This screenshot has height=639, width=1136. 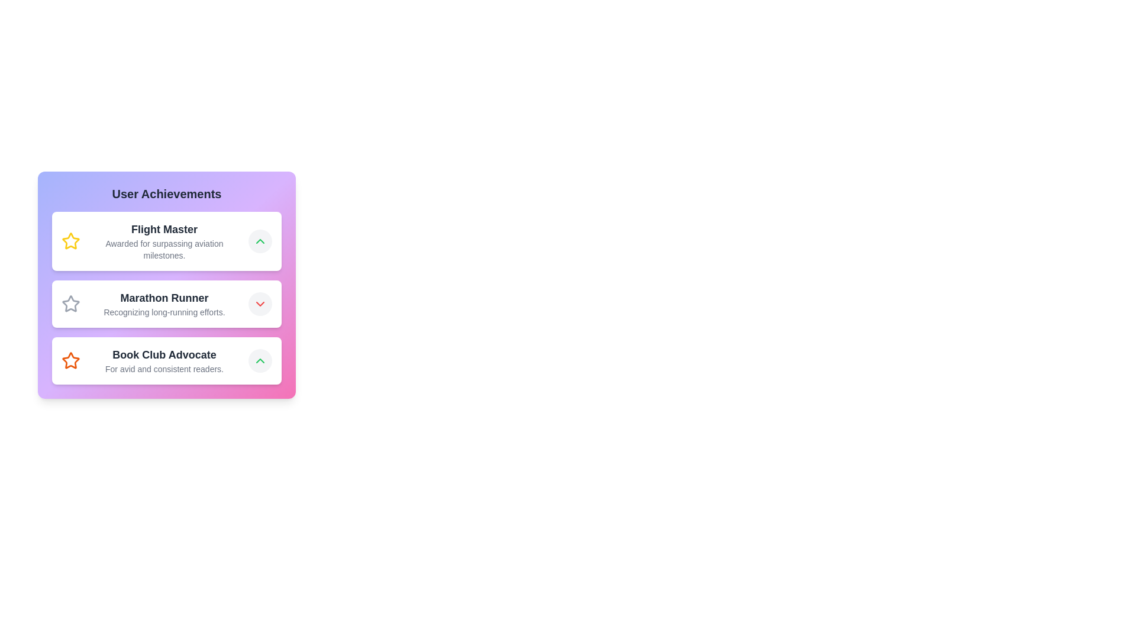 What do you see at coordinates (164, 241) in the screenshot?
I see `the 'Flight Master' text block, which displays the bold text 'Flight Master' and the smaller text 'Awarded for surpassing aviation milestones.' in the middle-left section of the 'User Achievements' list` at bounding box center [164, 241].